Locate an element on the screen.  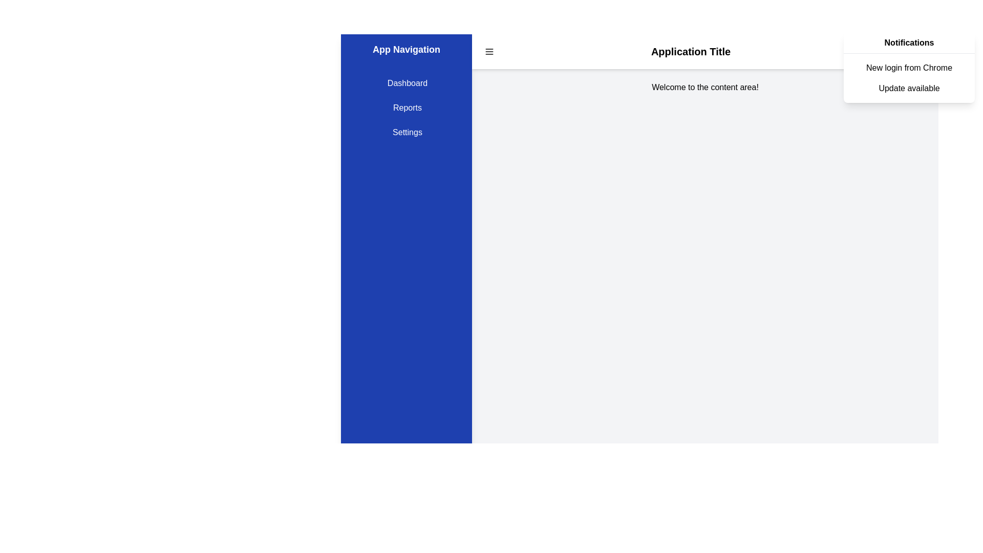
the text label 'Reports' in the sidebar menu is located at coordinates (405, 108).